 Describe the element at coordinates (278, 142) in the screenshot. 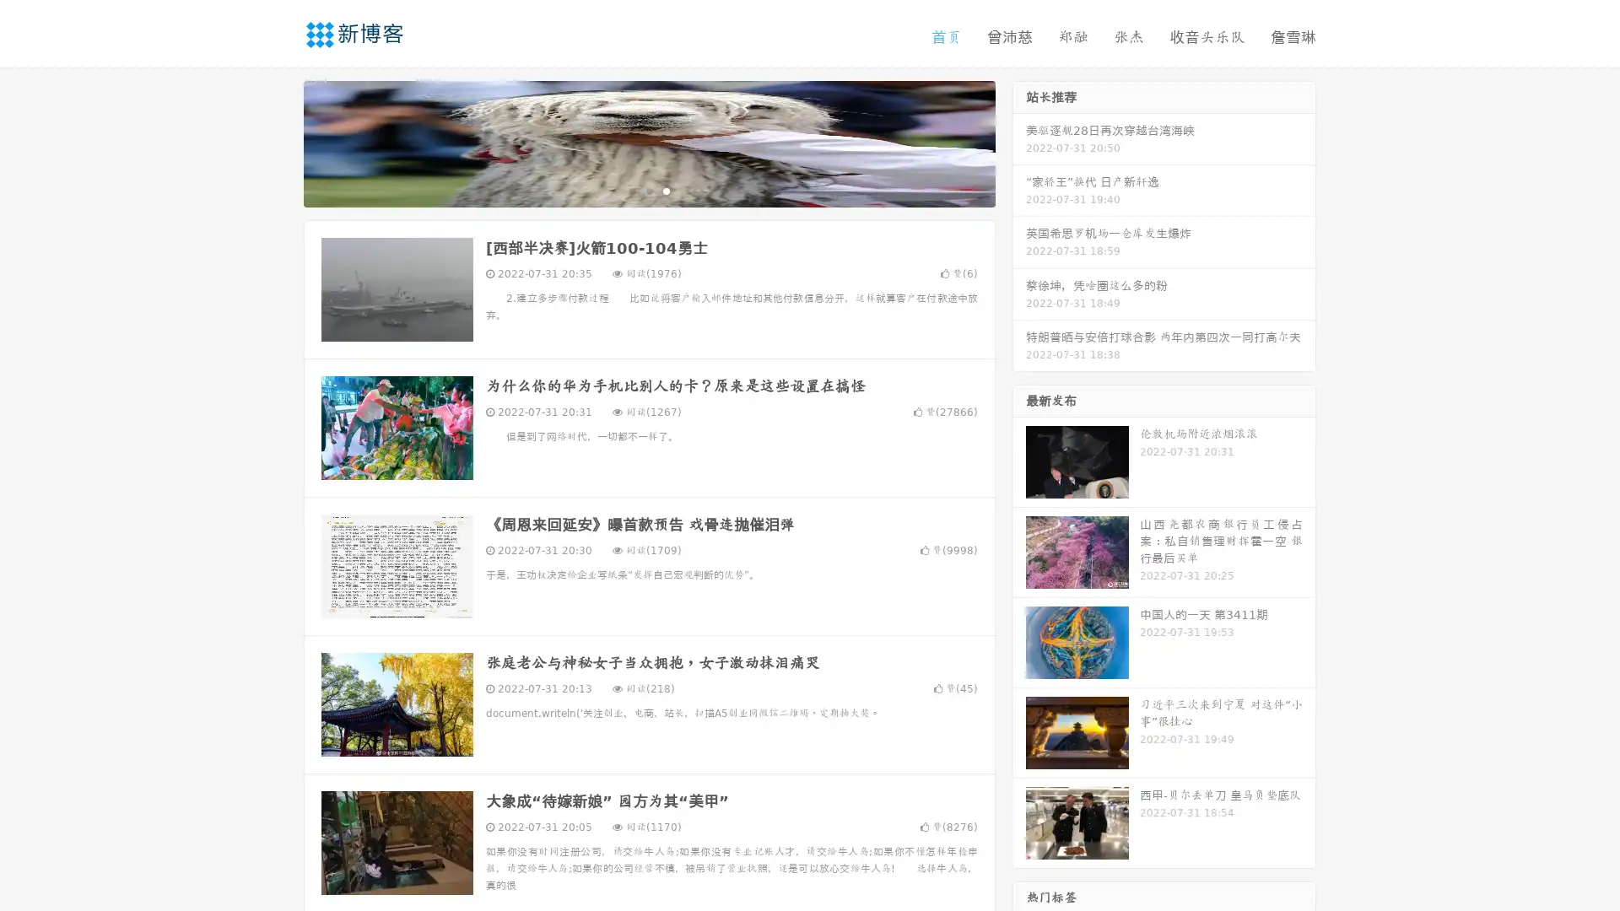

I see `Previous slide` at that location.